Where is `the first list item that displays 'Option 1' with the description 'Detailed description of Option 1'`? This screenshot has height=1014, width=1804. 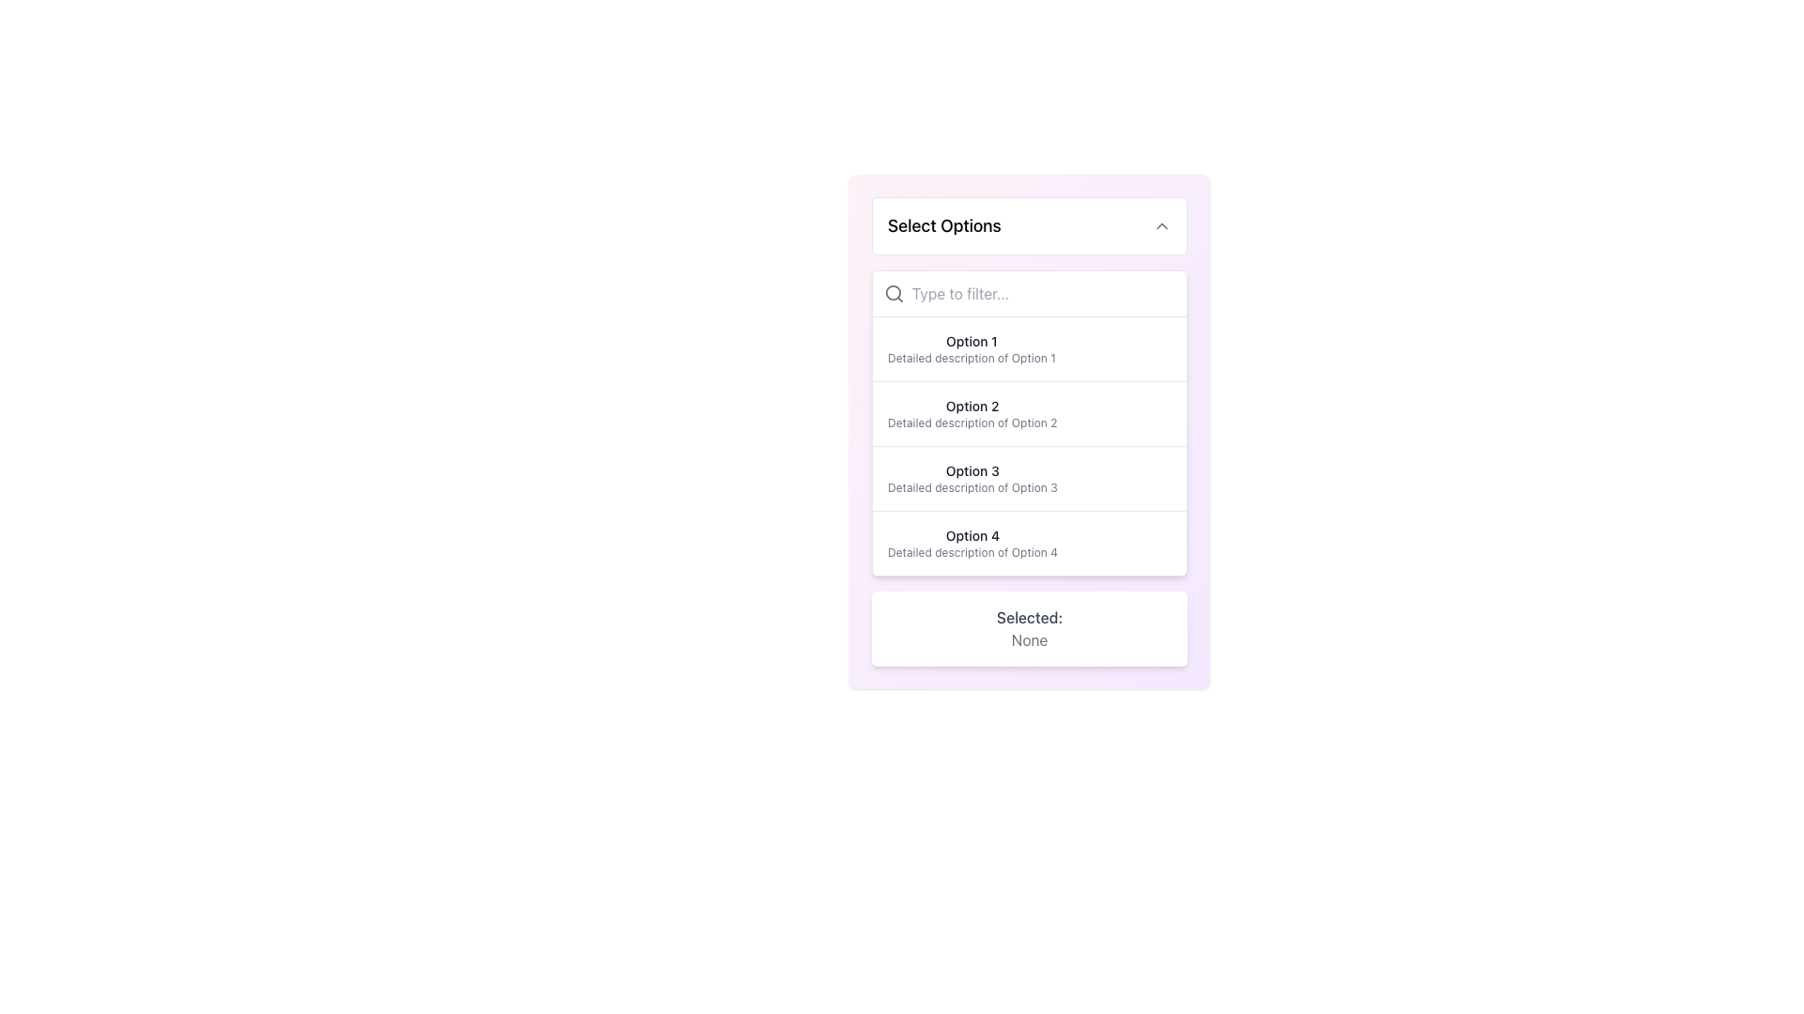 the first list item that displays 'Option 1' with the description 'Detailed description of Option 1' is located at coordinates (972, 348).